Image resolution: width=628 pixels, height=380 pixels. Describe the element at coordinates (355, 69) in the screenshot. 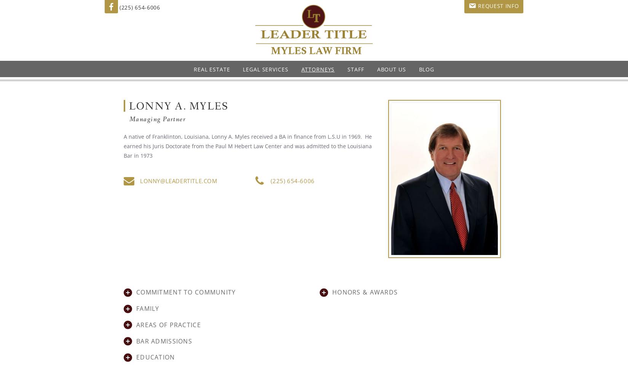

I see `'Staff'` at that location.